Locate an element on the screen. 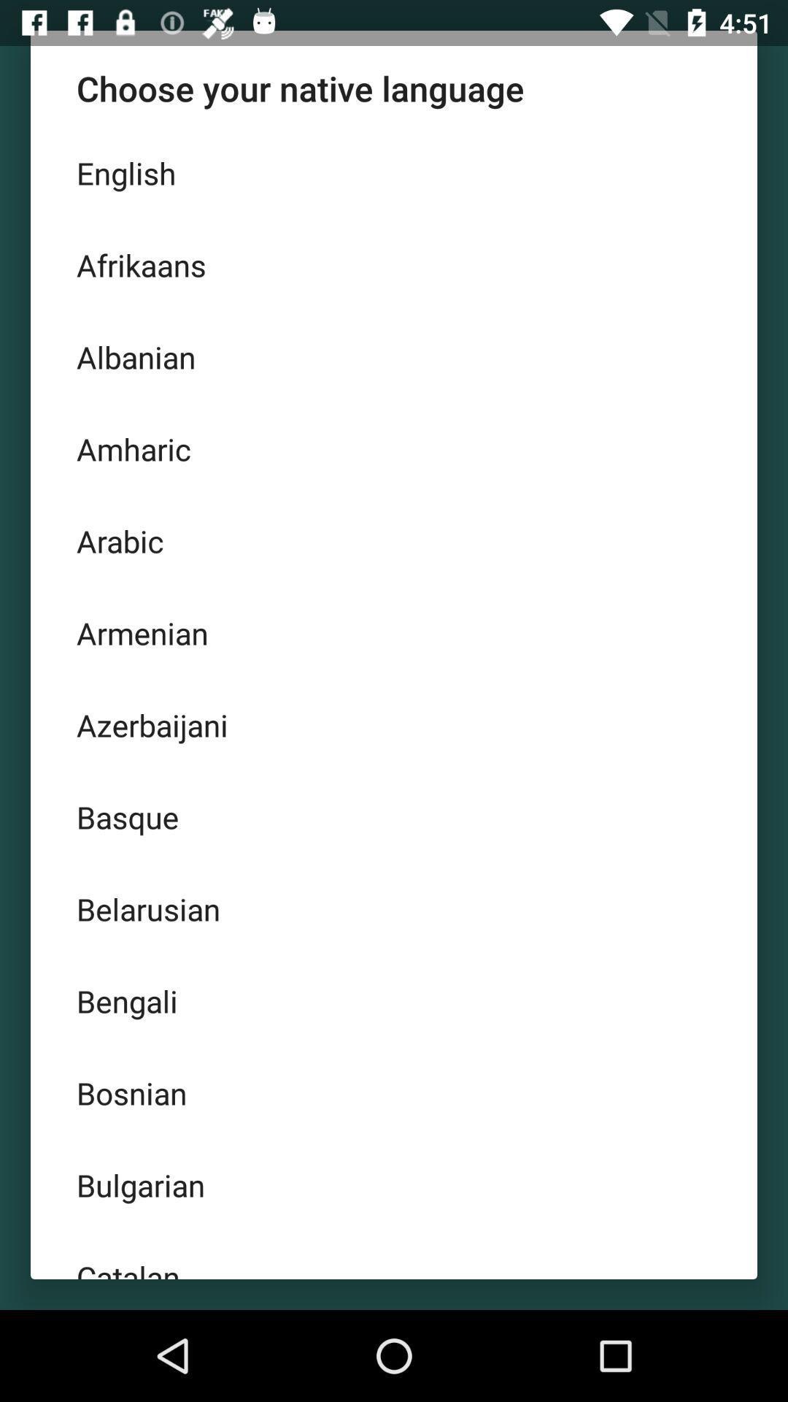 The width and height of the screenshot is (788, 1402). item below the belarusian is located at coordinates (394, 1000).